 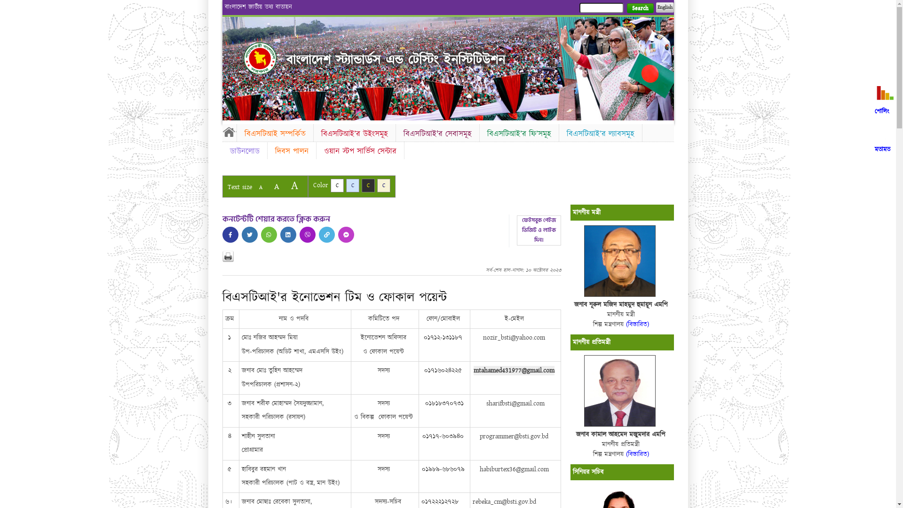 What do you see at coordinates (260, 187) in the screenshot?
I see `'A'` at bounding box center [260, 187].